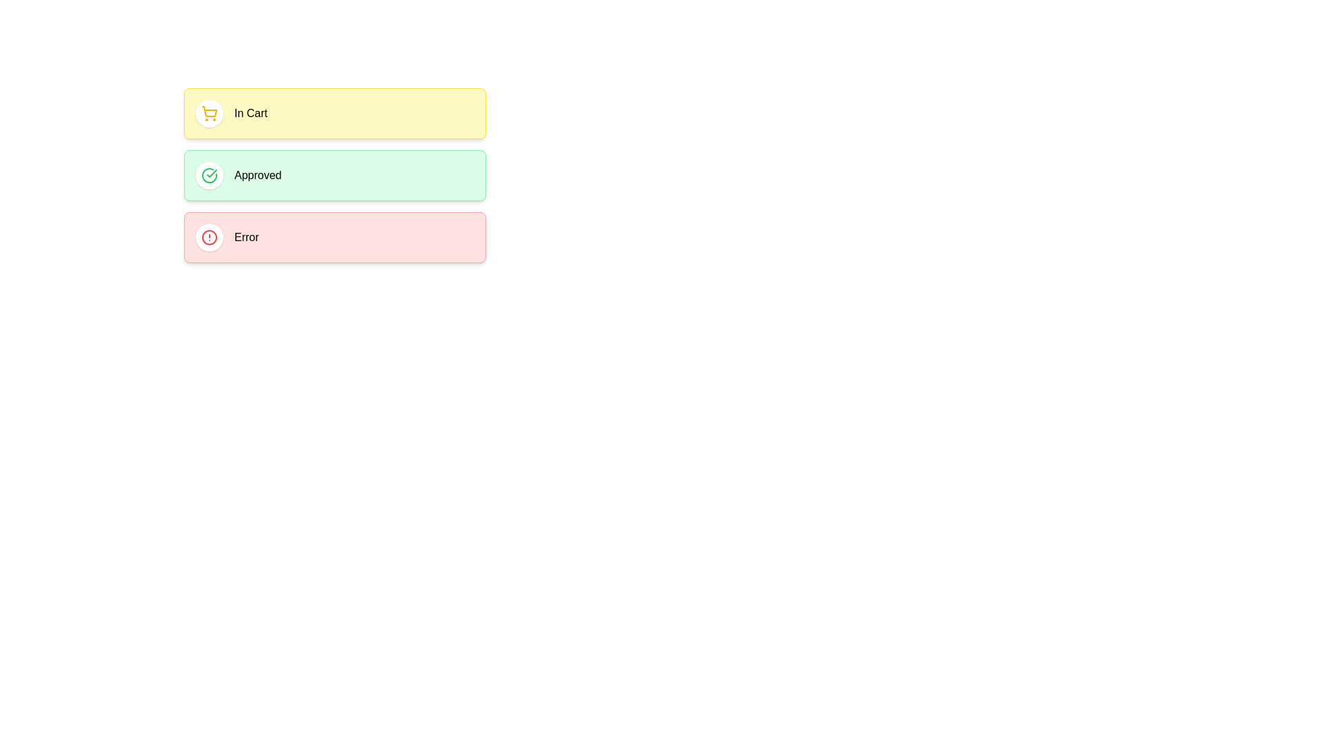  What do you see at coordinates (208, 113) in the screenshot?
I see `the decorative icon representing an item in the cart, located at the left side of the yellow card with the text 'In Cart'` at bounding box center [208, 113].